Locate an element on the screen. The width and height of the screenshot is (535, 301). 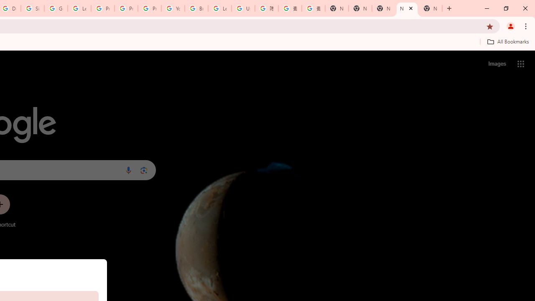
'Sign in - Google Accounts' is located at coordinates (33, 8).